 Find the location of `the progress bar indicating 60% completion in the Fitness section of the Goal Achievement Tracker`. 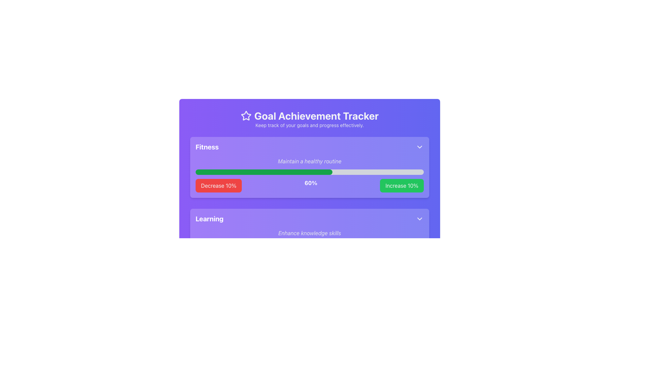

the progress bar indicating 60% completion in the Fitness section of the Goal Achievement Tracker is located at coordinates (264, 172).